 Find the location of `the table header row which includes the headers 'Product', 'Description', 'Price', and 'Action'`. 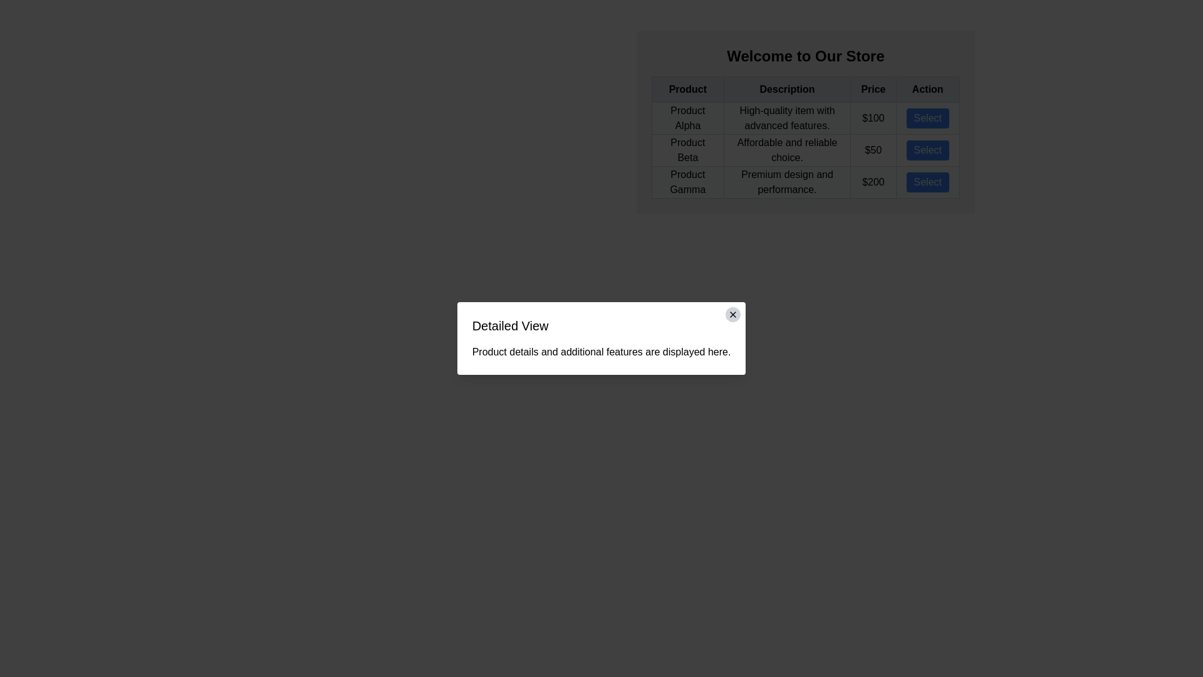

the table header row which includes the headers 'Product', 'Description', 'Price', and 'Action' is located at coordinates (806, 88).